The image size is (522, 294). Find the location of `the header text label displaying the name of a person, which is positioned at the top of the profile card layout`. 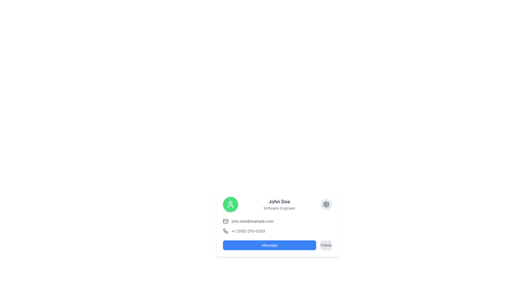

the header text label displaying the name of a person, which is positioned at the top of the profile card layout is located at coordinates (279, 201).